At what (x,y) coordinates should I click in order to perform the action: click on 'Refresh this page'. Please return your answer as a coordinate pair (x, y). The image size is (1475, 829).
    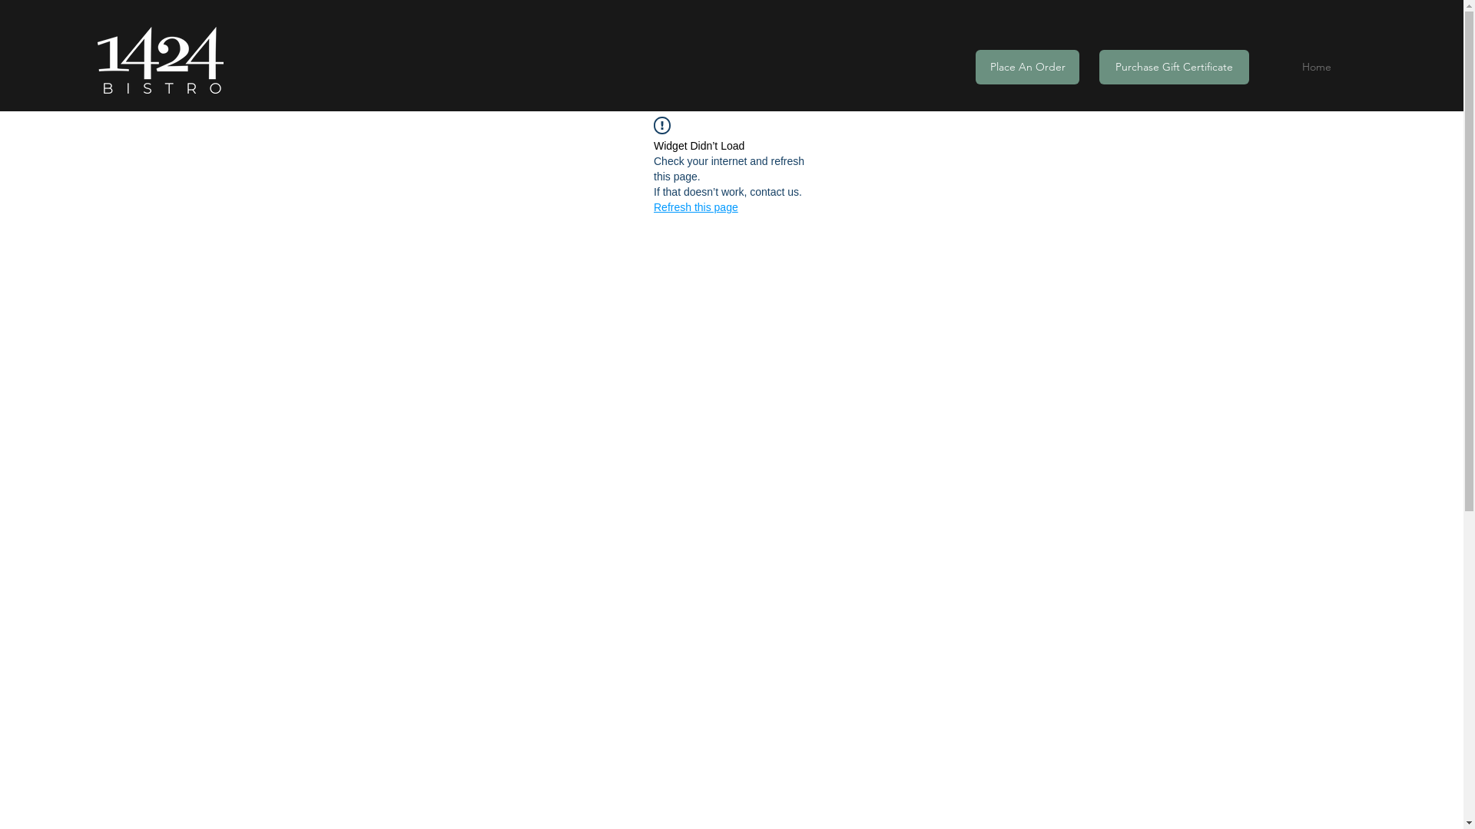
    Looking at the image, I should click on (653, 207).